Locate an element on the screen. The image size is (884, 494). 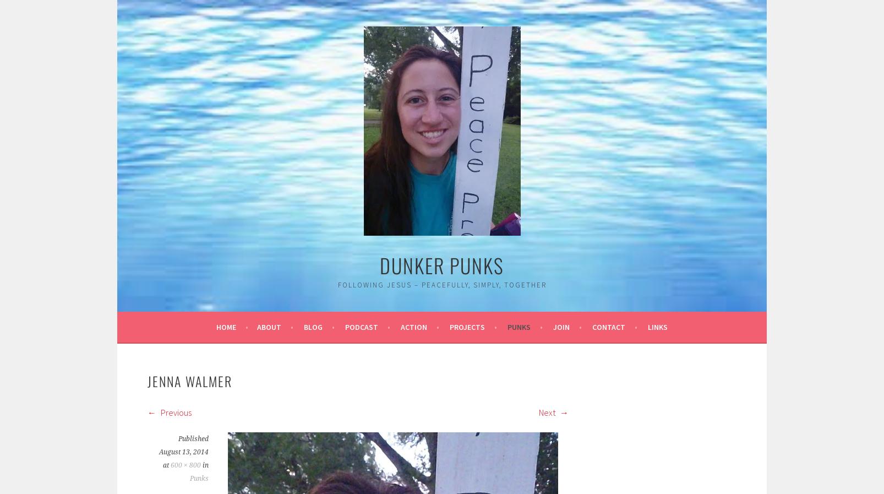
'Home' is located at coordinates (226, 327).